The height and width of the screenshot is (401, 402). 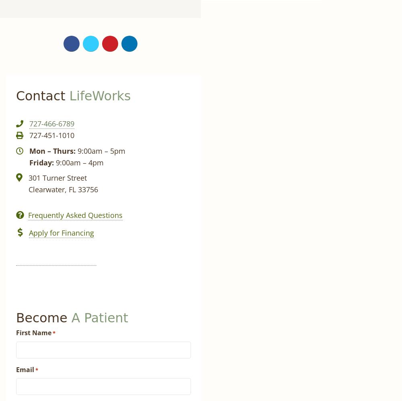 What do you see at coordinates (16, 318) in the screenshot?
I see `'Become'` at bounding box center [16, 318].